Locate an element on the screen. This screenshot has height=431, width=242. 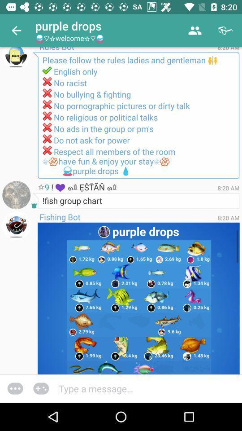
the more icon is located at coordinates (13, 388).